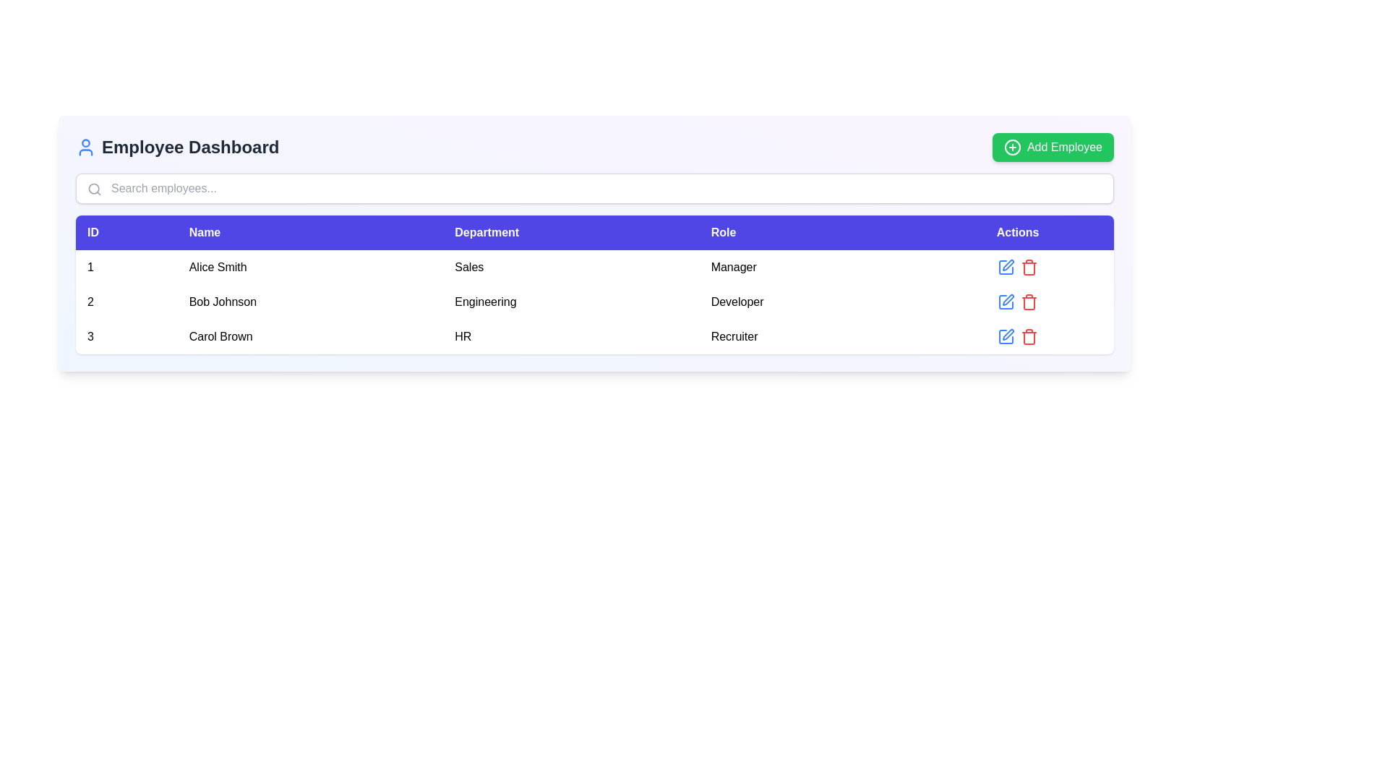 The height and width of the screenshot is (781, 1388). What do you see at coordinates (1029, 268) in the screenshot?
I see `the delete button located in the 'Actions' column of the third row, to the right of the pencil icon` at bounding box center [1029, 268].